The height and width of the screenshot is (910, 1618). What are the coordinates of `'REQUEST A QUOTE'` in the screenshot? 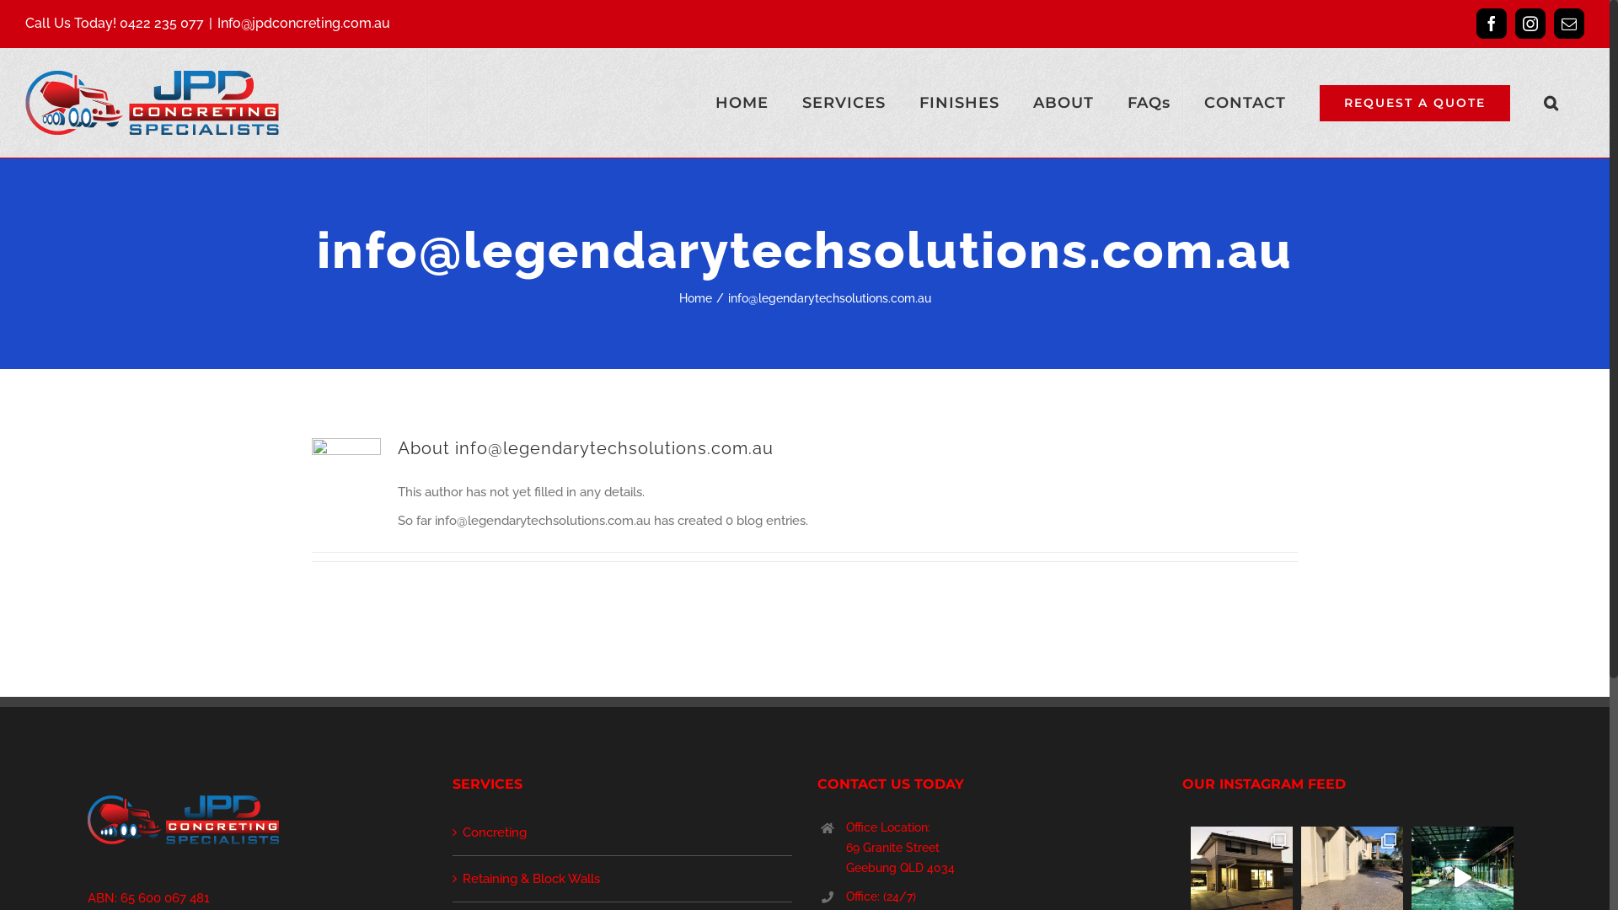 It's located at (1415, 103).